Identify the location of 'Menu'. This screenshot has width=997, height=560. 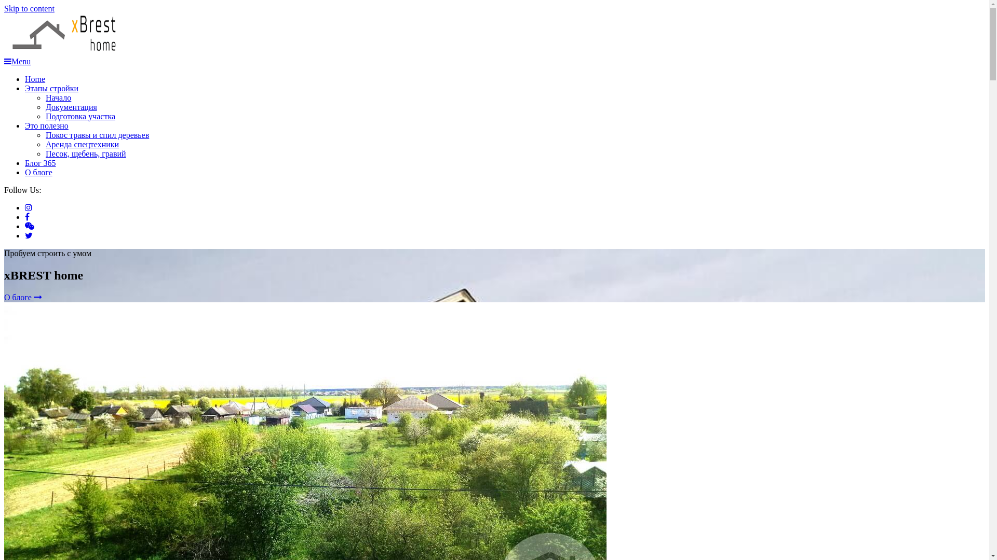
(17, 61).